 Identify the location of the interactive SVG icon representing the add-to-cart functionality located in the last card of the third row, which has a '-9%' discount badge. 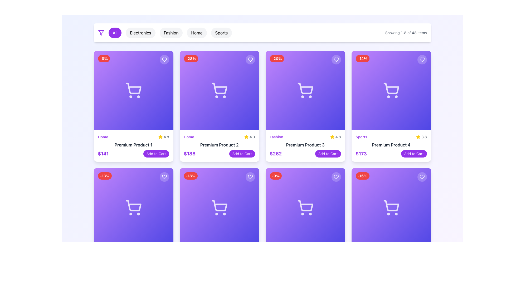
(305, 207).